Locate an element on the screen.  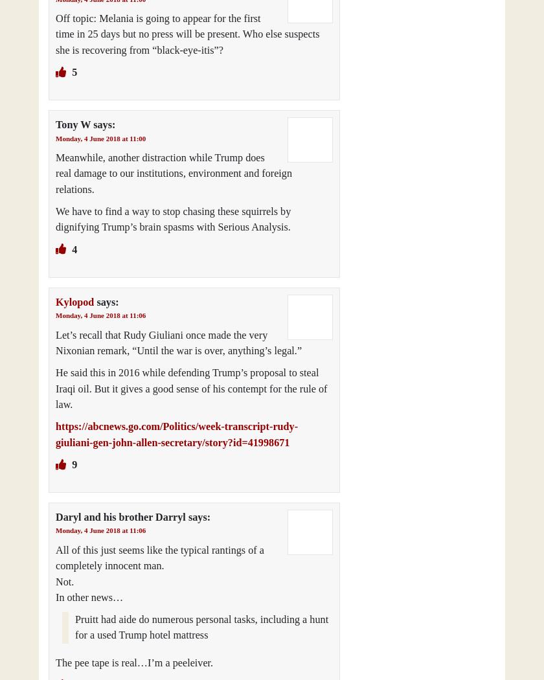
'He said this in 2016 while defending Trump’s proposal to steal Iraqi oil. But it gives a good sense of his contempt for the rule of law.' is located at coordinates (191, 387).